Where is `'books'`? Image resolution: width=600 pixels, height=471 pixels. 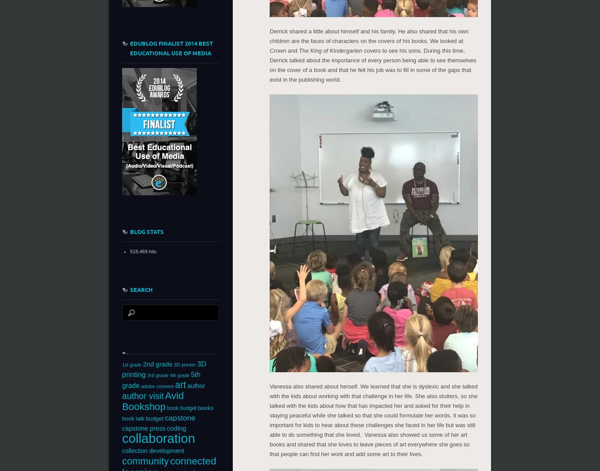 'books' is located at coordinates (205, 408).